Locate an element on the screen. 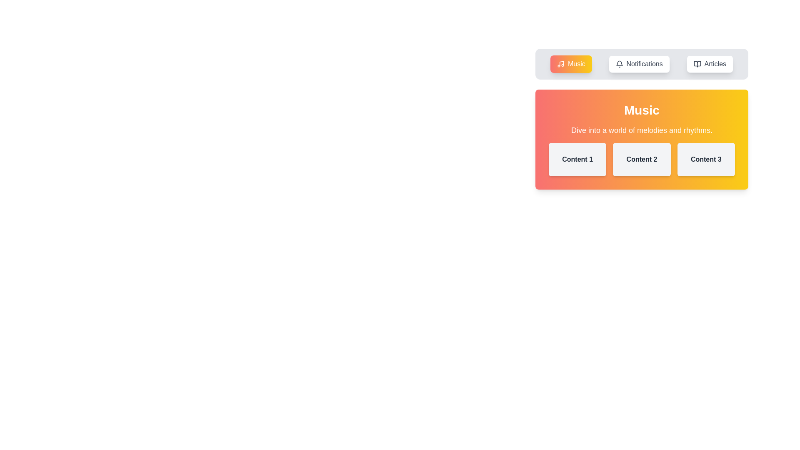  the tab labeled Notifications to switch to it is located at coordinates (639, 64).